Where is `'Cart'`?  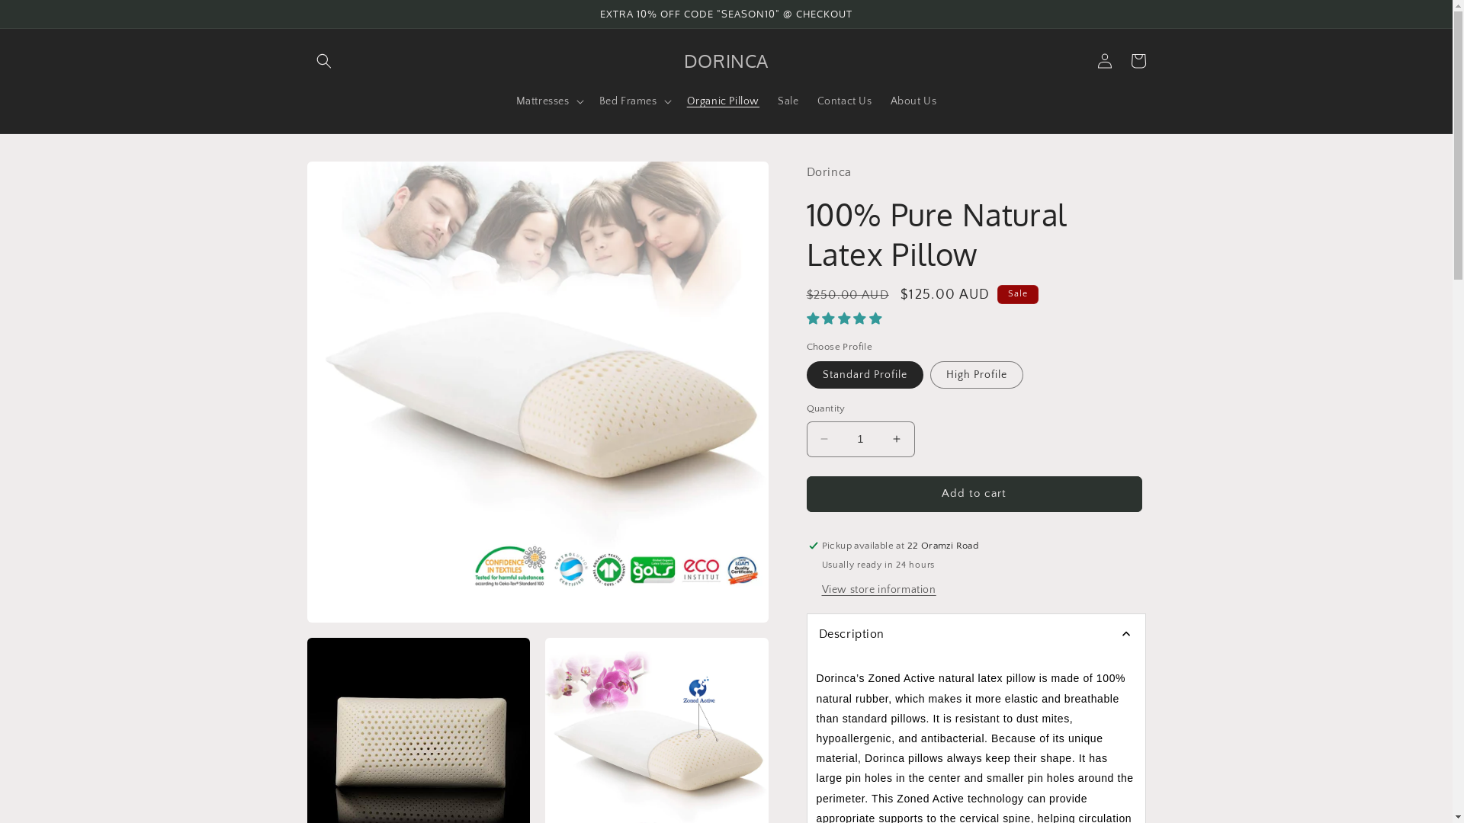
'Cart' is located at coordinates (1138, 60).